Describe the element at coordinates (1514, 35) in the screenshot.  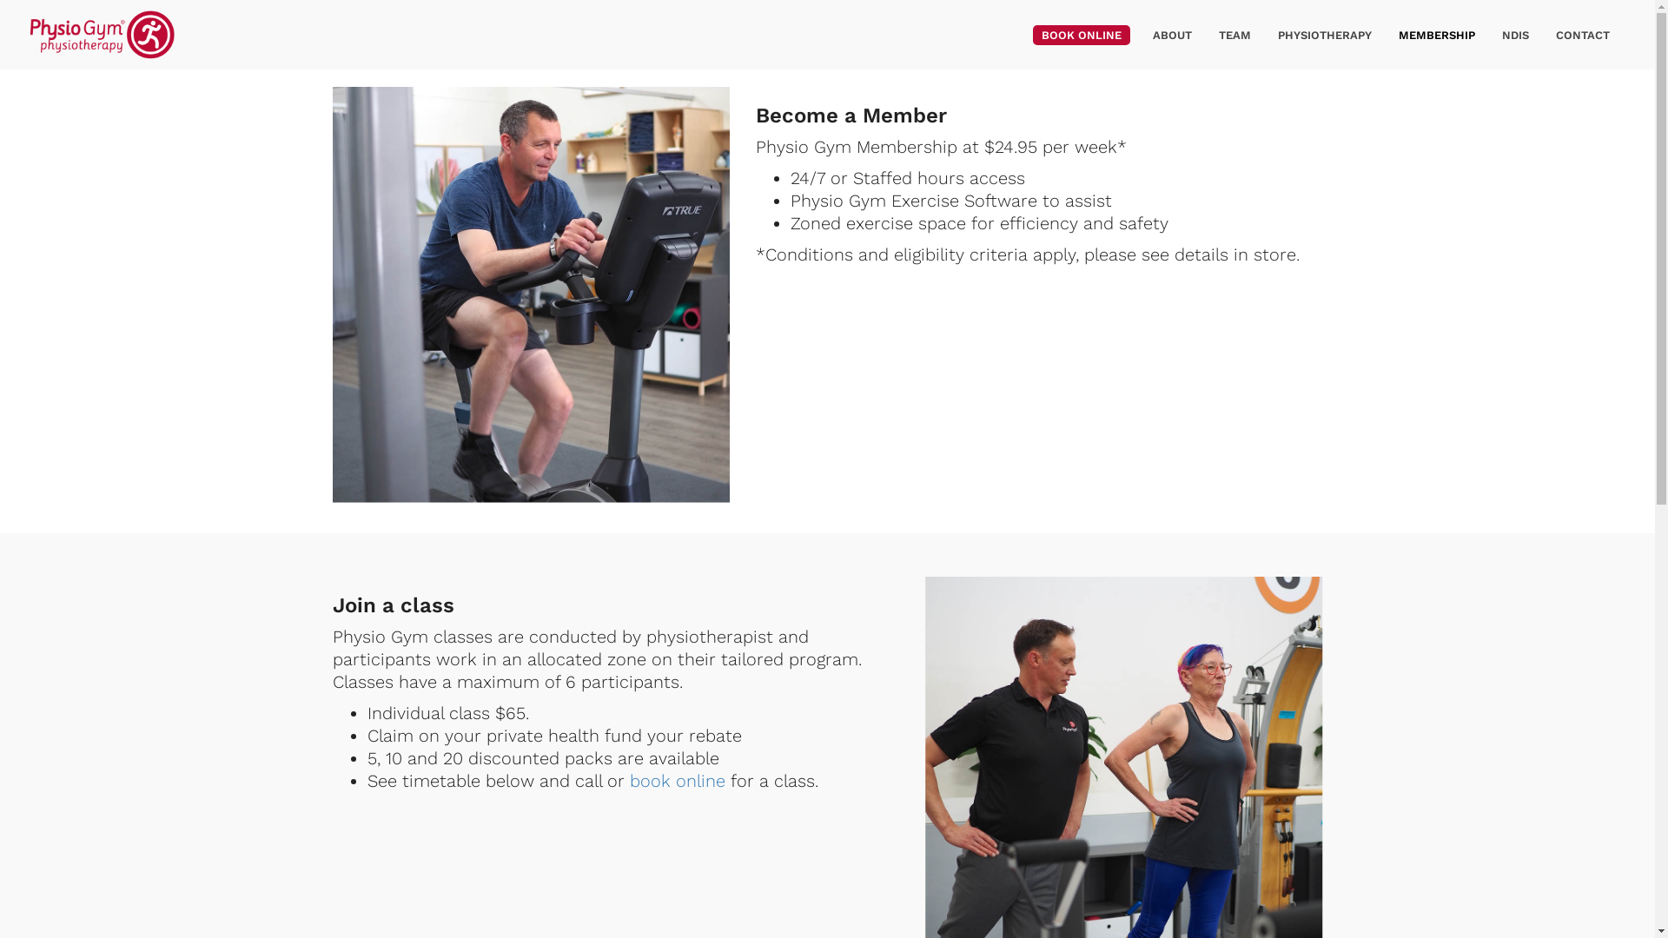
I see `'NDIS'` at that location.